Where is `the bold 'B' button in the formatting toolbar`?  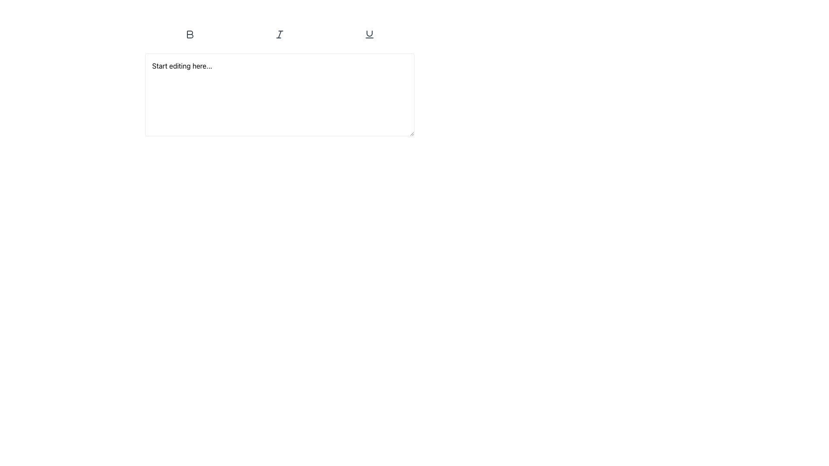
the bold 'B' button in the formatting toolbar is located at coordinates (189, 34).